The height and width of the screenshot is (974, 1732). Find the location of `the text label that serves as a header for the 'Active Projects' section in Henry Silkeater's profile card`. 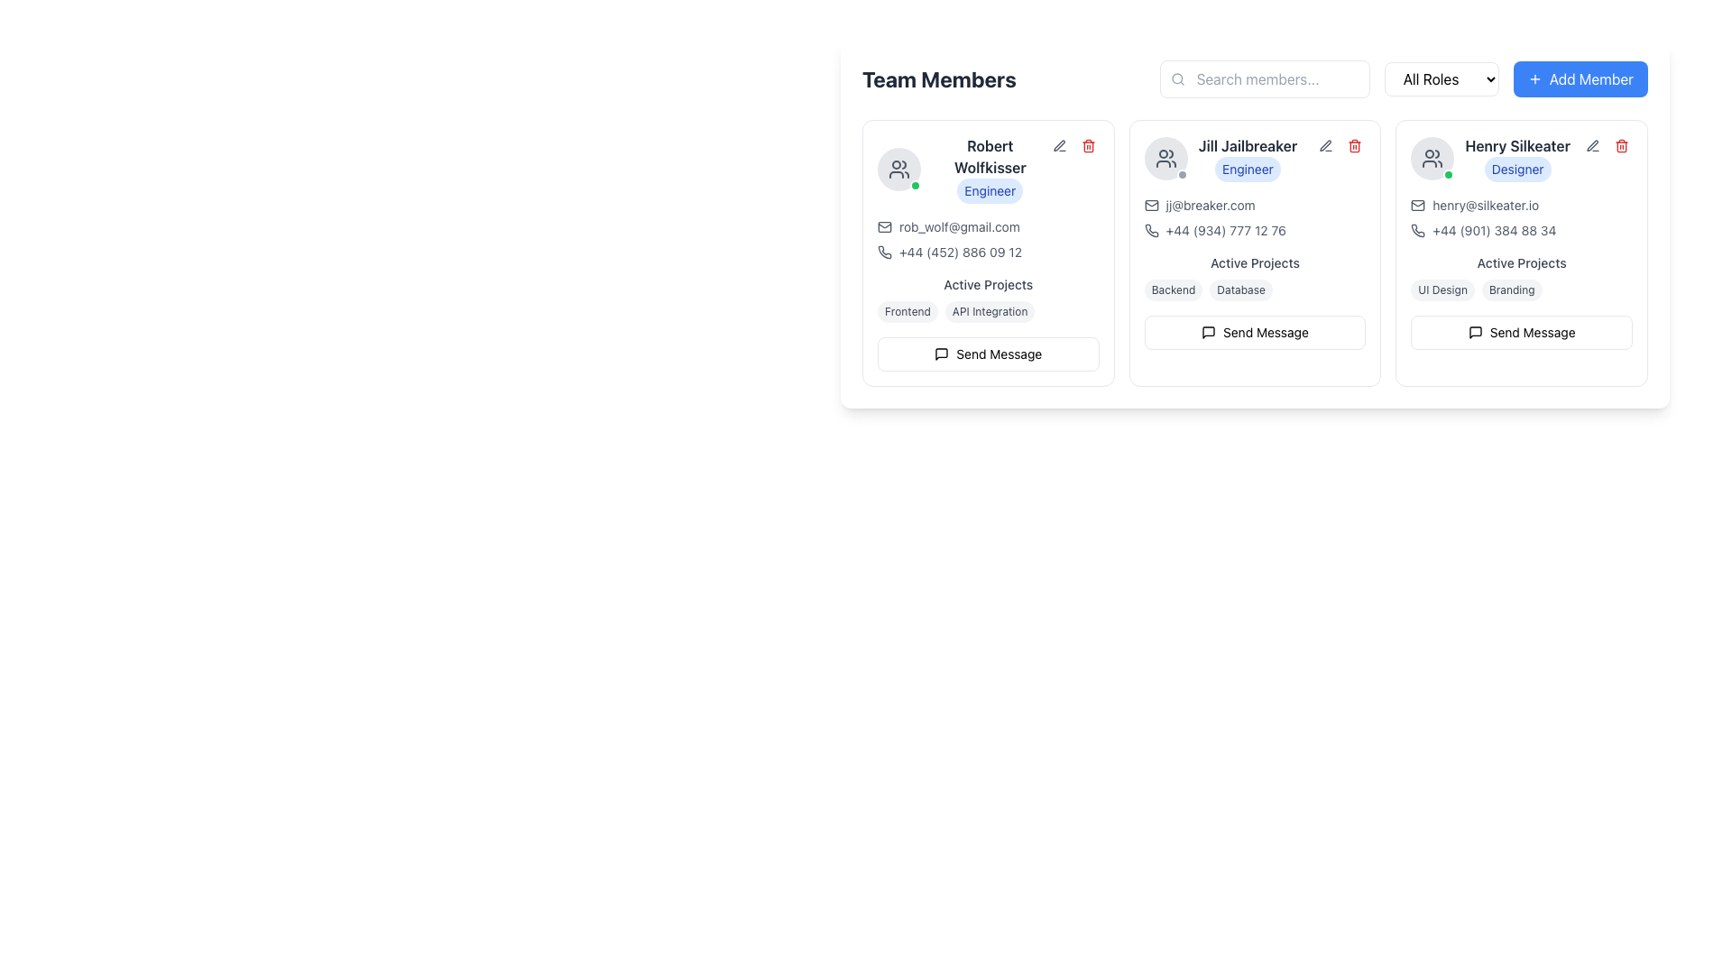

the text label that serves as a header for the 'Active Projects' section in Henry Silkeater's profile card is located at coordinates (1521, 263).